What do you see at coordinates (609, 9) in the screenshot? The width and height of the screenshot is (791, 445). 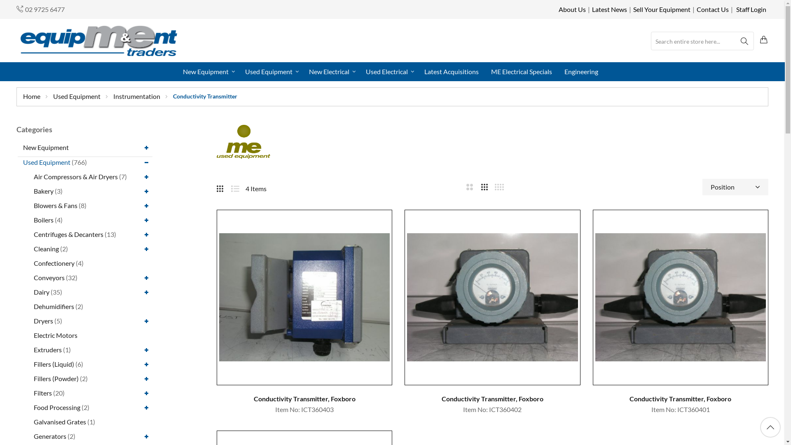 I see `'Latest News'` at bounding box center [609, 9].